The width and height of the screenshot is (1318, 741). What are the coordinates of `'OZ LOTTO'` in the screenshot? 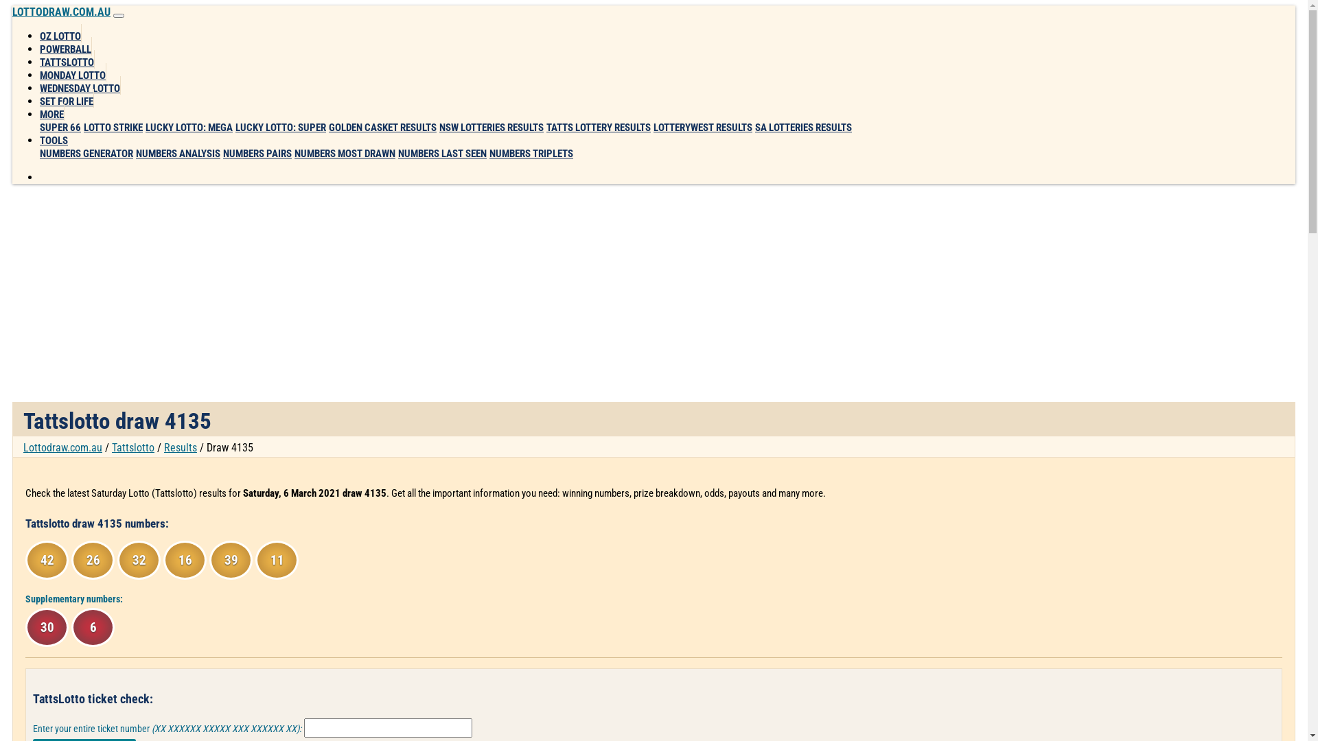 It's located at (60, 32).